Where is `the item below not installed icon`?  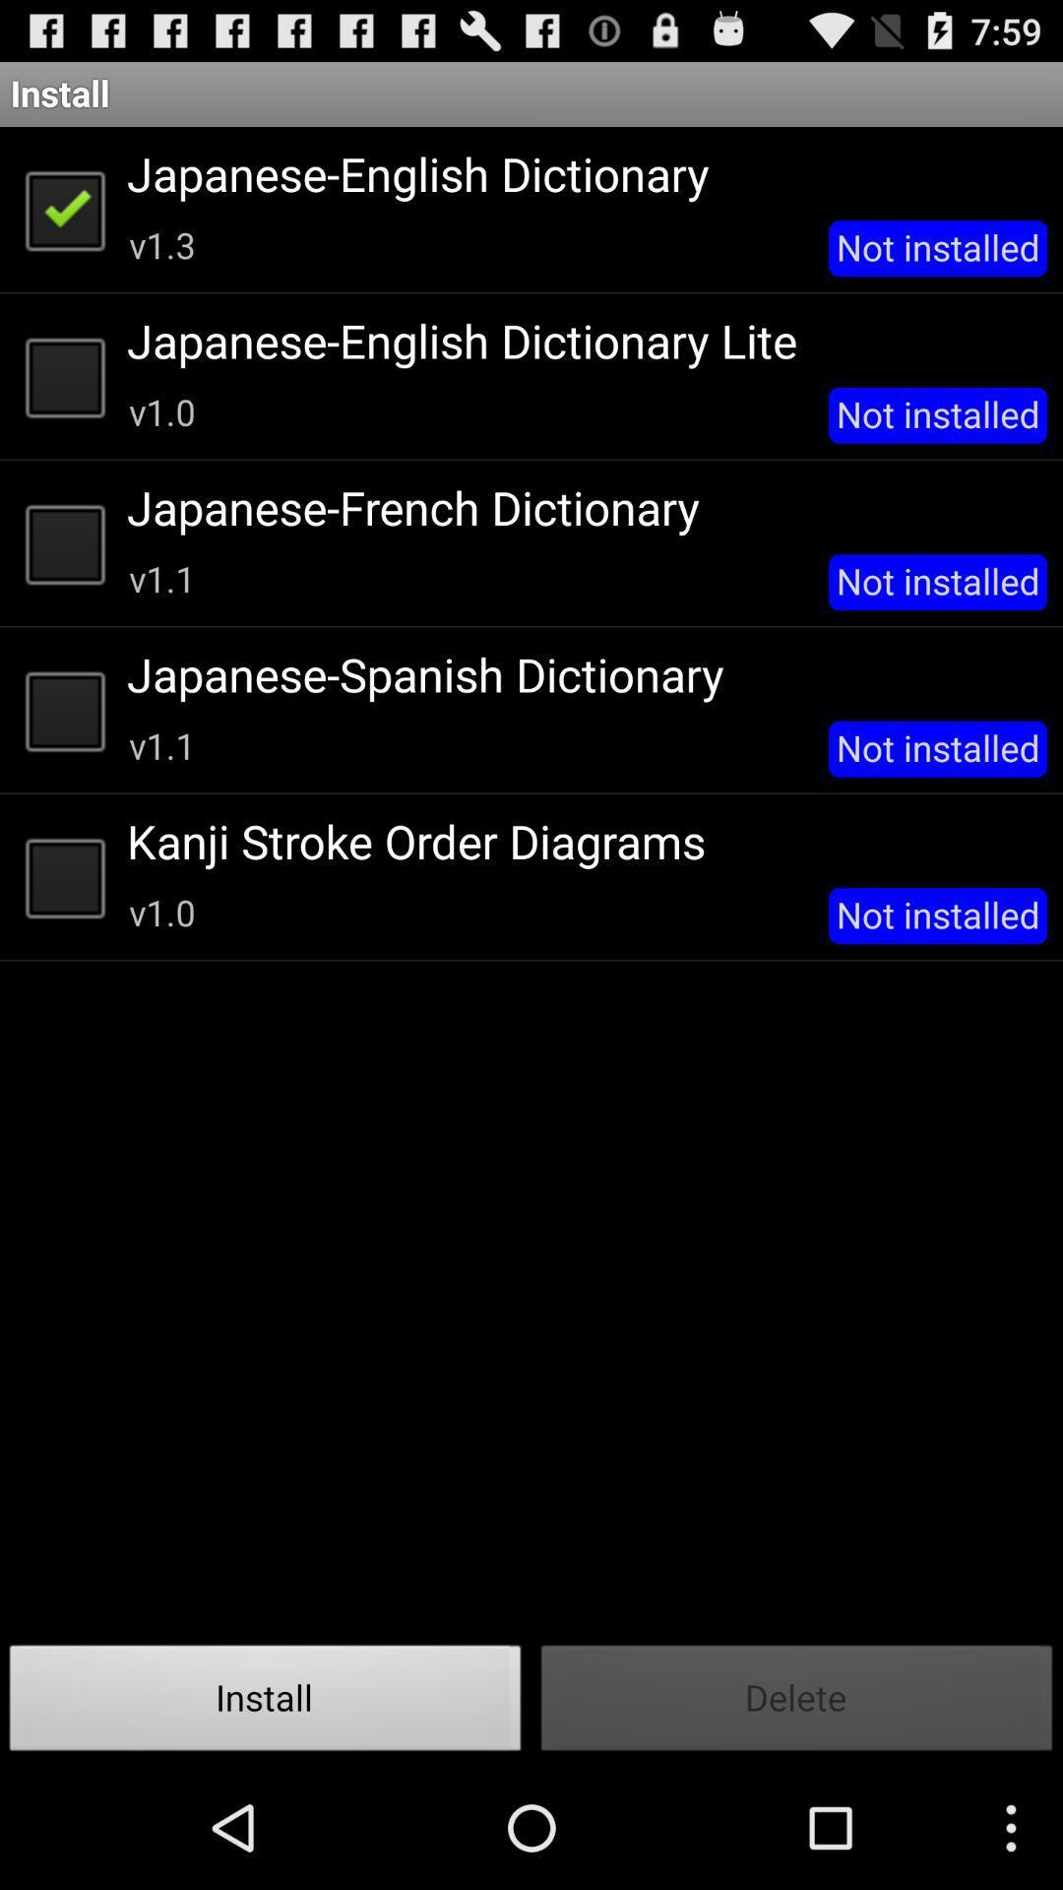 the item below not installed icon is located at coordinates (797, 1703).